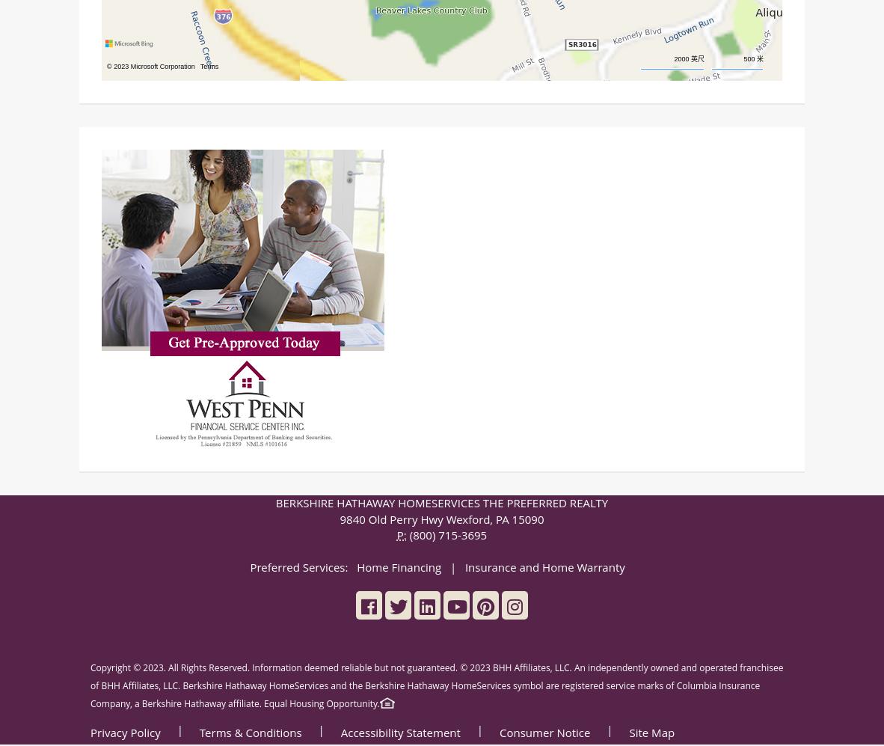  What do you see at coordinates (302, 569) in the screenshot?
I see `'Preferred Services:'` at bounding box center [302, 569].